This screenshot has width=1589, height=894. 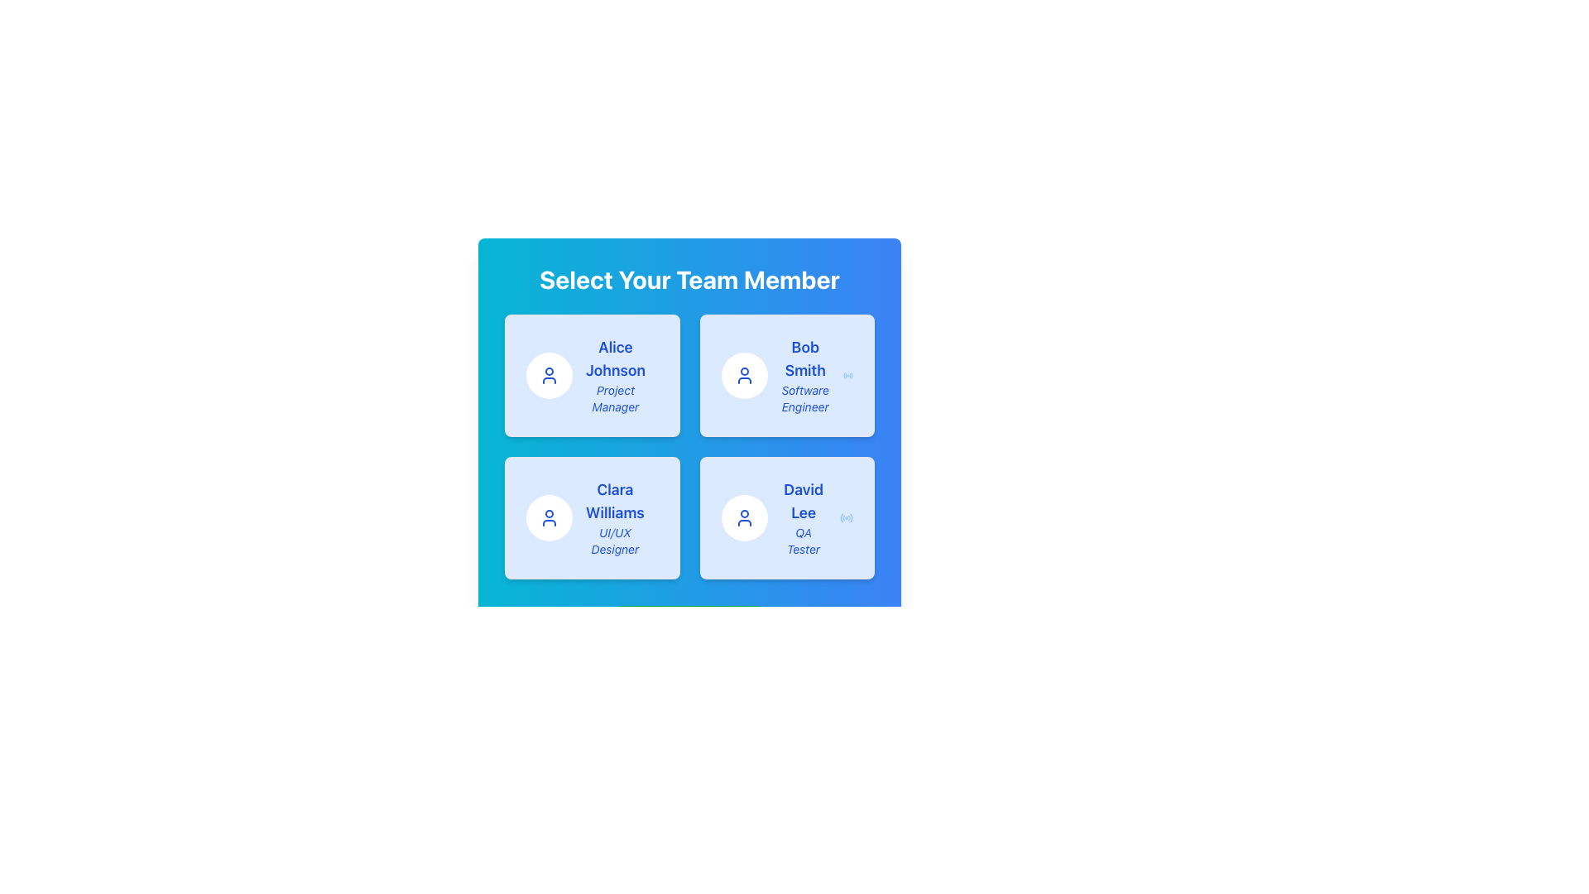 I want to click on text label indicating the professional role 'QA Tester' for the individual 'David Lee', located at the bottom of the card in the interface, so click(x=804, y=541).